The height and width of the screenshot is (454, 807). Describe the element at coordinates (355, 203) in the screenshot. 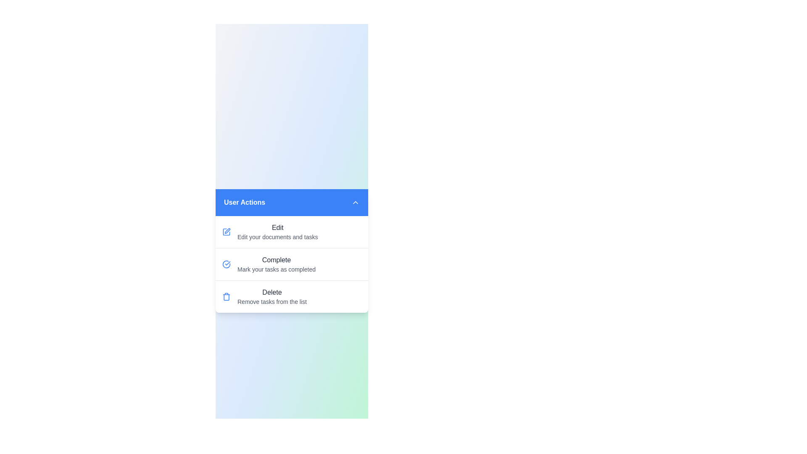

I see `toggle button to expand or collapse the menu` at that location.